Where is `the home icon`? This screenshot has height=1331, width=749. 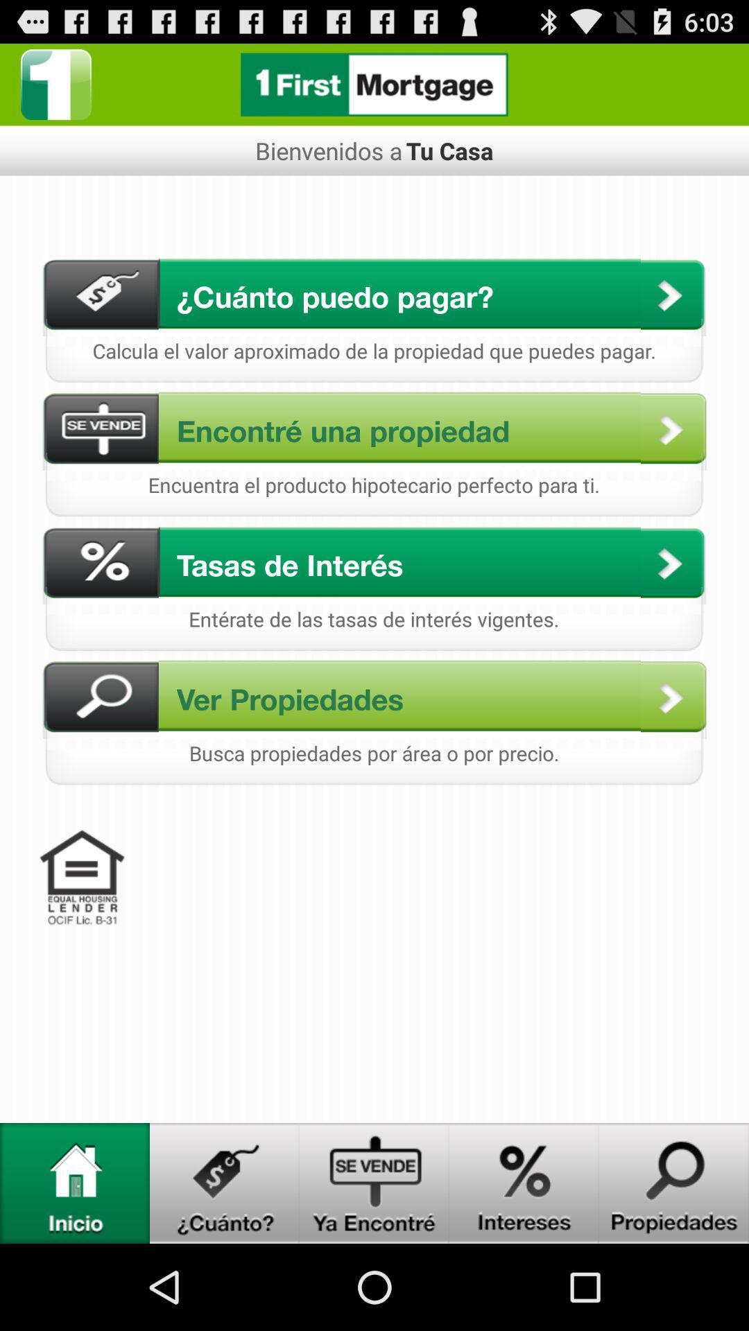
the home icon is located at coordinates (75, 1266).